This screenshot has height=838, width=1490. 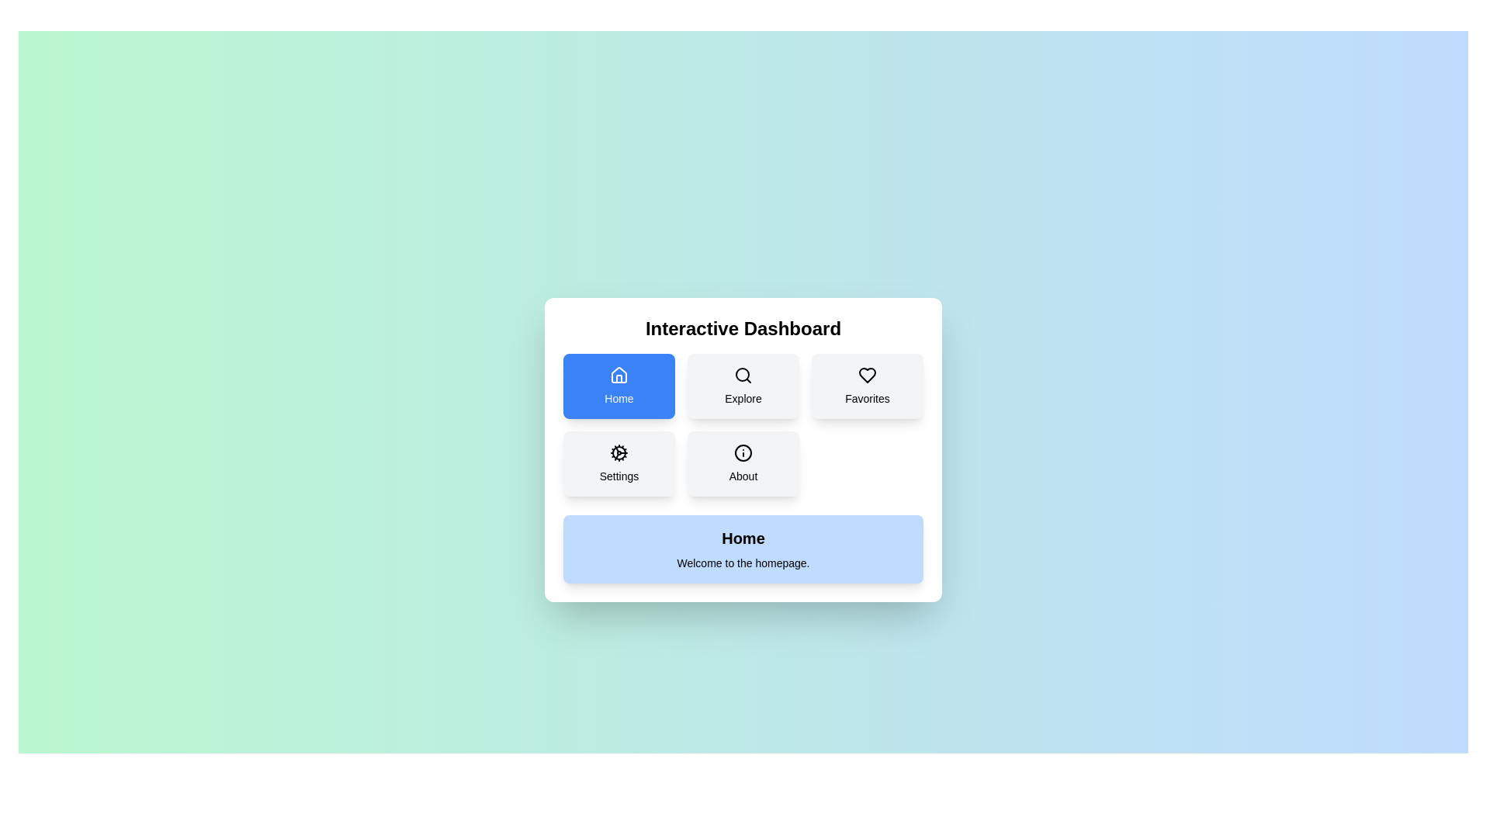 I want to click on the button corresponding to the section Home, so click(x=618, y=385).